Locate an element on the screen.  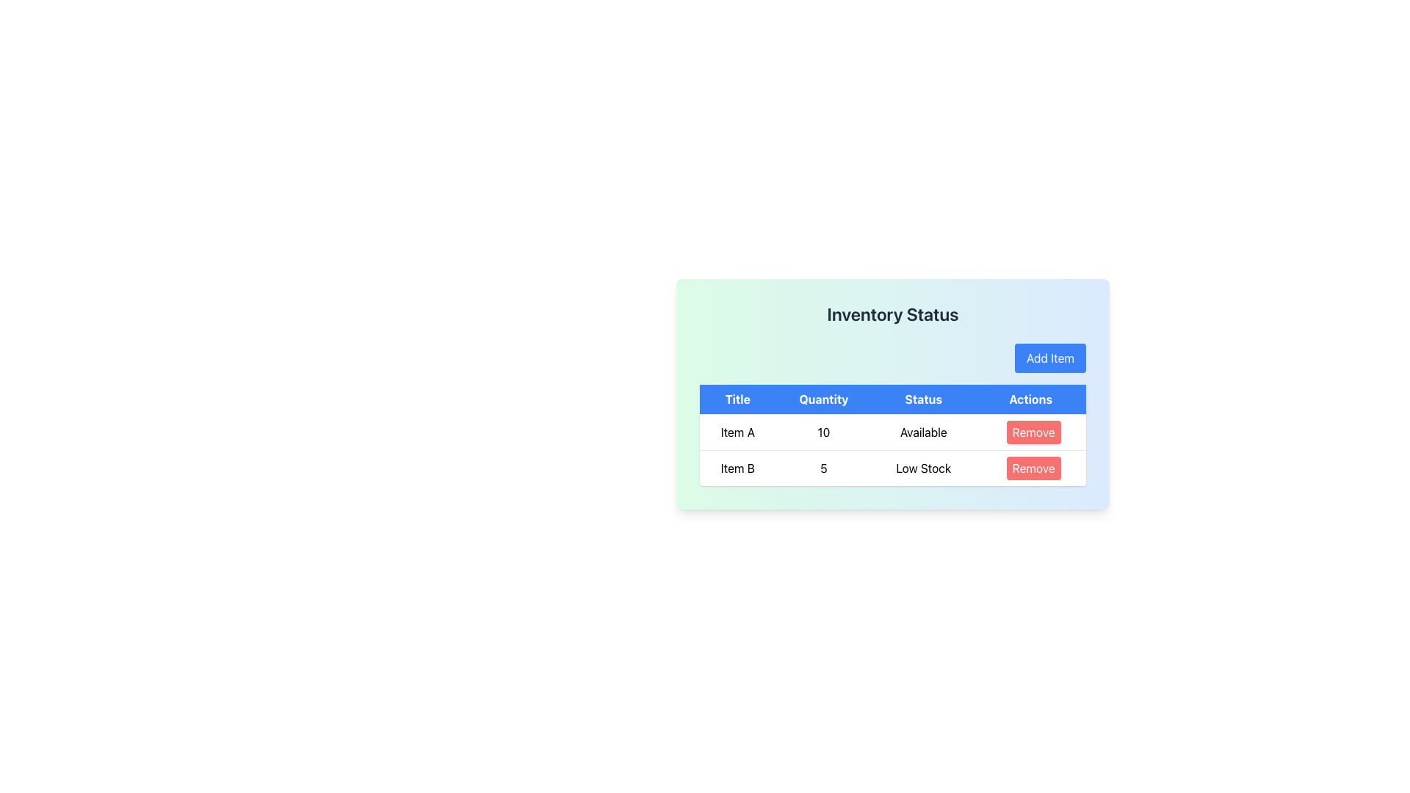
the table header that labels the product status, located as the third column from the left, between 'Quantity' and 'Actions' is located at coordinates (922, 399).